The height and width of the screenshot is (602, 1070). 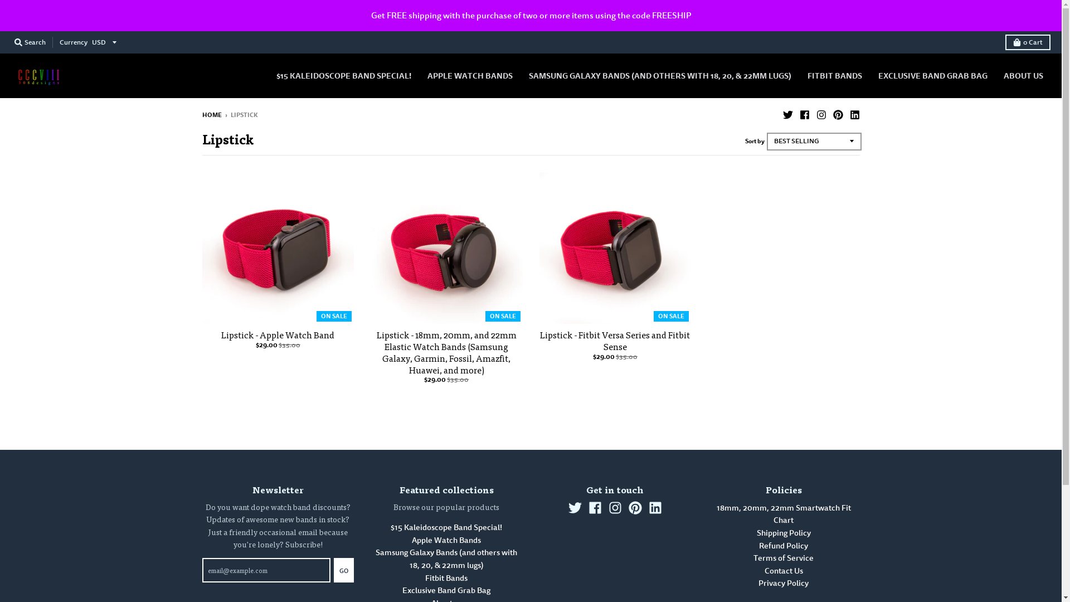 I want to click on 'EXCLUSIVE BAND GRAB BAG', so click(x=933, y=75).